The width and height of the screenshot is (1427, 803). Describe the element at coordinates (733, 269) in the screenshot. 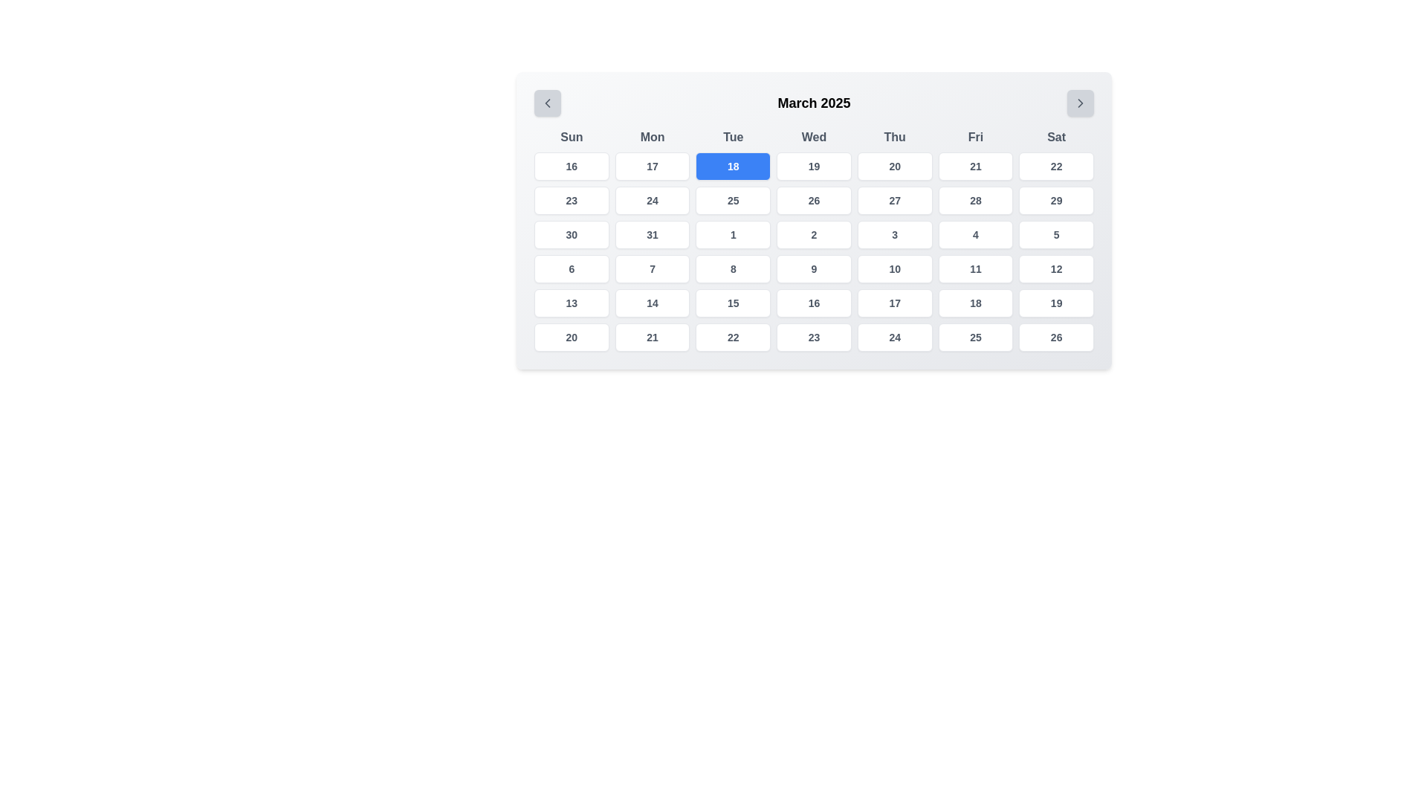

I see `the calendar date button representing '8' located in the sixth row and third column` at that location.